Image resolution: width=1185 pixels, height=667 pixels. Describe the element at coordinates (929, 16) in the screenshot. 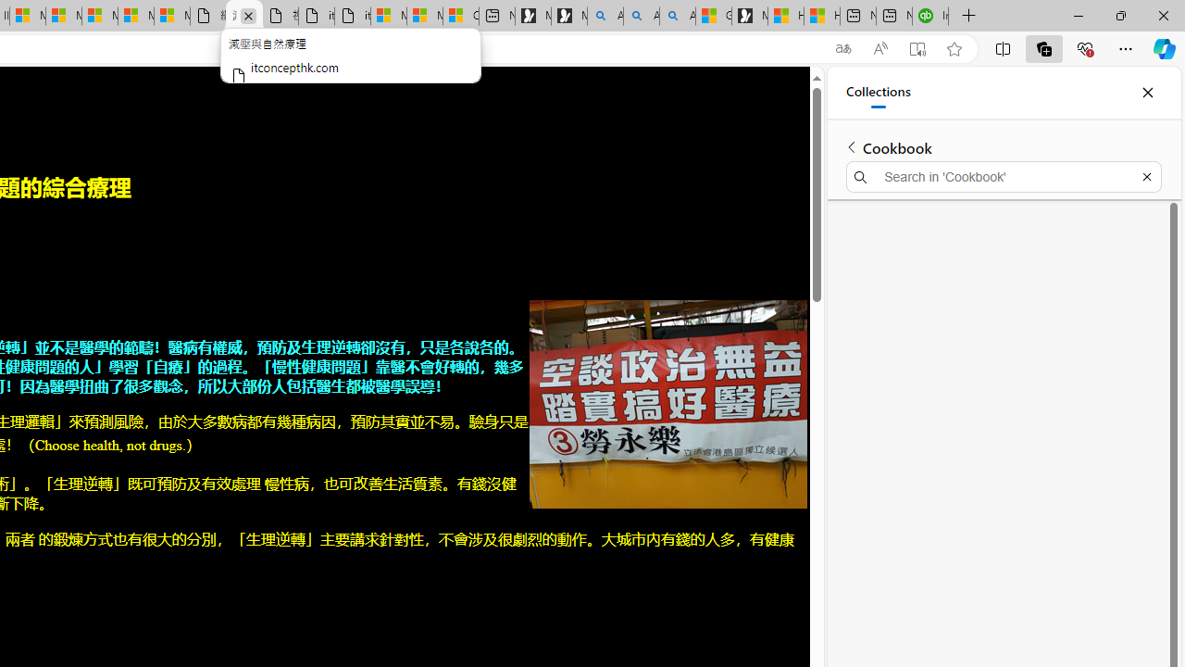

I see `'Intuit QuickBooks Online - Quickbooks'` at that location.